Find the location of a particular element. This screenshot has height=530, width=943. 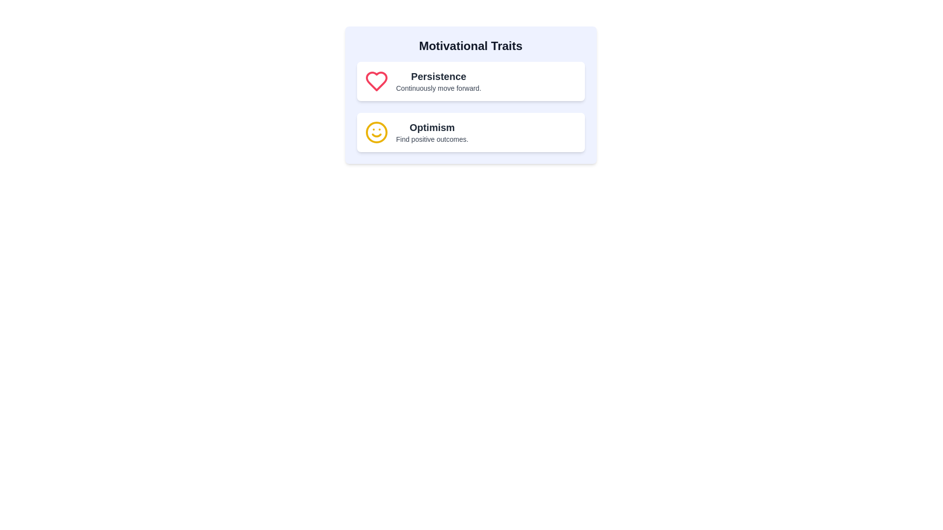

the Text label that describes the 'Persistence' motivational trait, which is centrally placed within a card-like structure at the top of the 'Motivational Traits' section is located at coordinates (438, 80).